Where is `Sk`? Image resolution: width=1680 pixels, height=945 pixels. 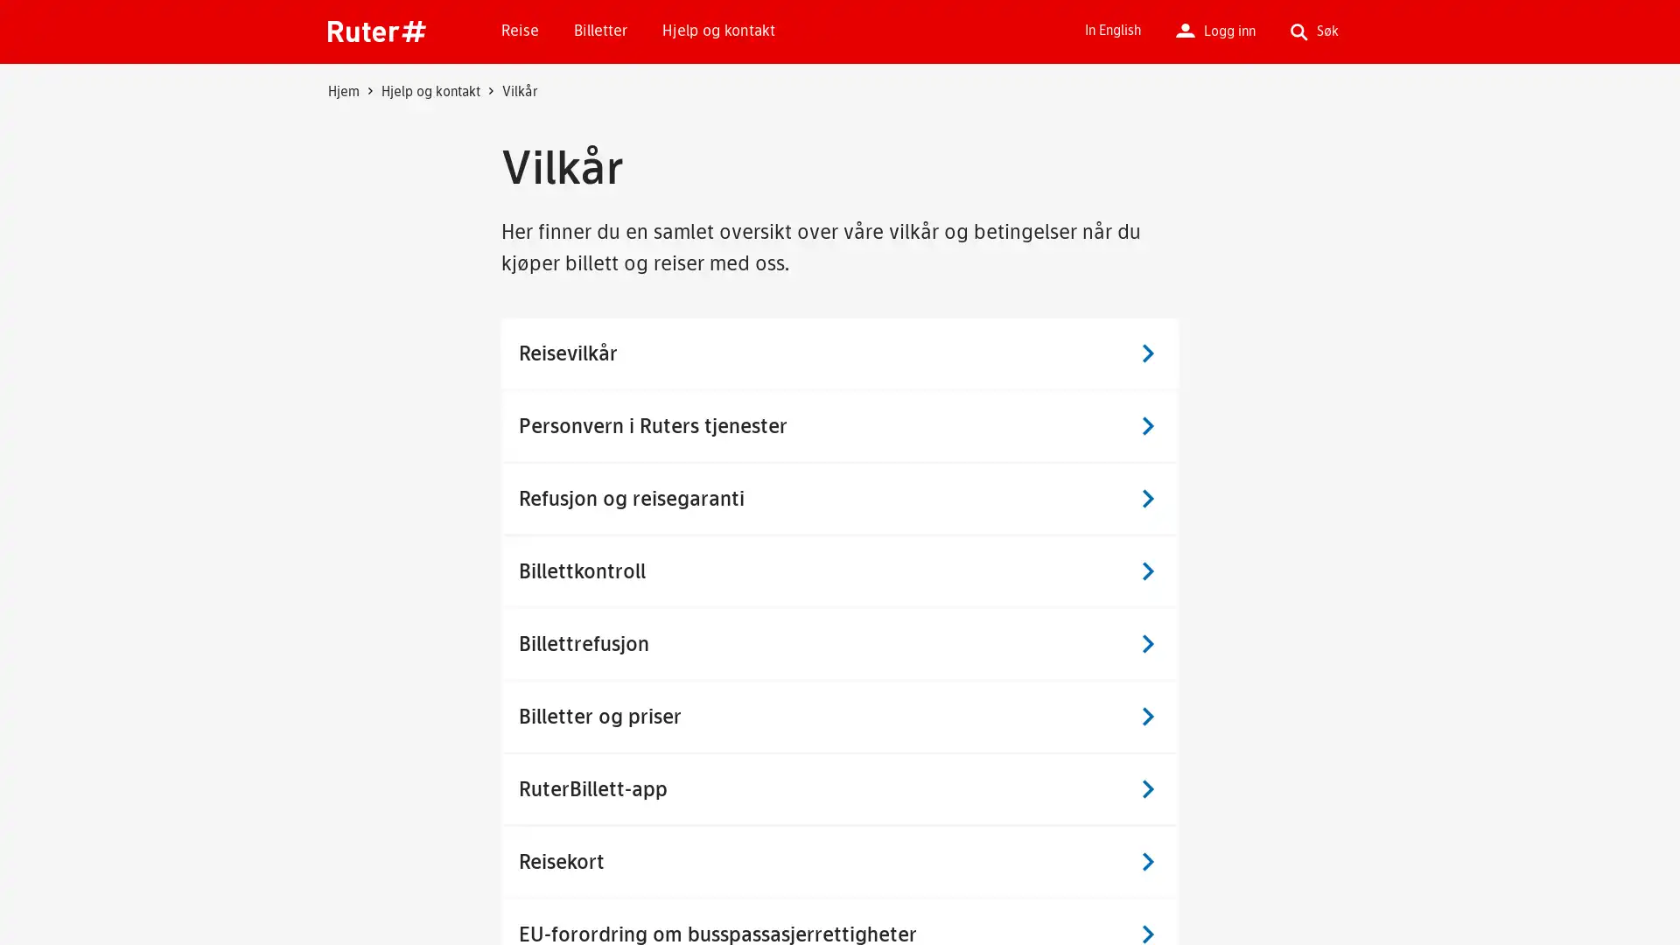 Sk is located at coordinates (1120, 158).